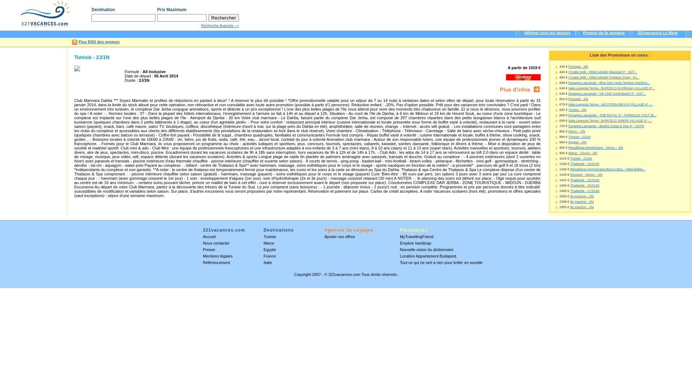  What do you see at coordinates (568, 115) in the screenshot?
I see `'Espagne,Lanzarote - THB ROYAL 3* - FORMULE TOUT IN...'` at bounding box center [568, 115].